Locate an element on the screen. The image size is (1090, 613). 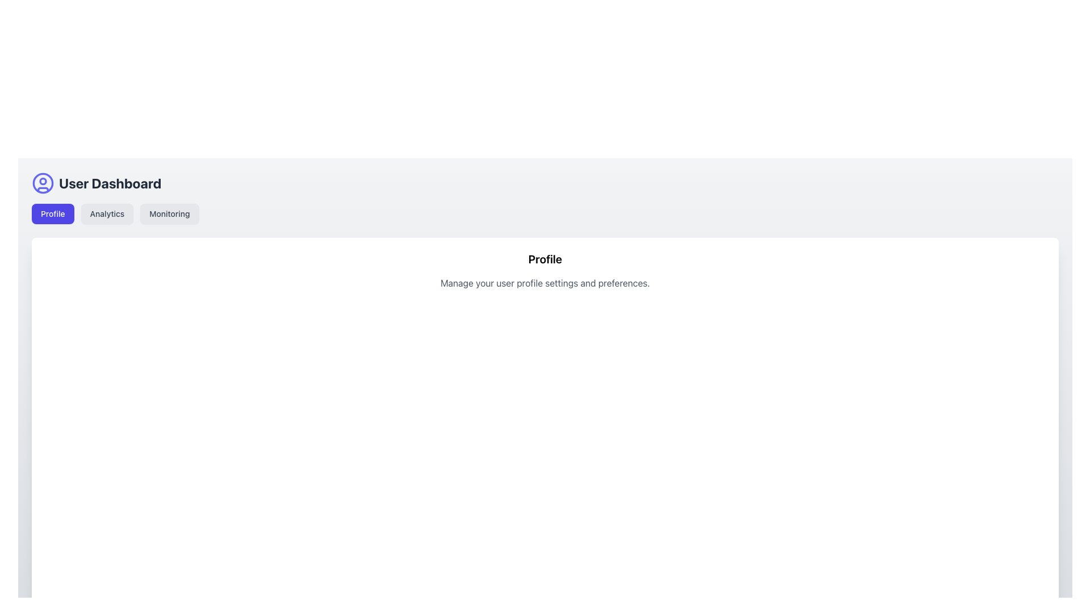
the 'User Dashboard' text label, which serves as a title for the current section of the application interface, located in the top-left area next to the user icon is located at coordinates (110, 183).